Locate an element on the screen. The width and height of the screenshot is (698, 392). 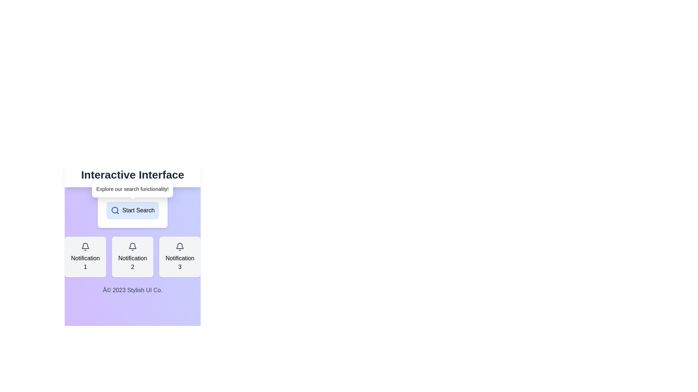
the 'Start Search' button, which has a rounded rectangular shape with a light blue background and contains a magnifying glass icon and the text 'Start Search' is located at coordinates (132, 210).